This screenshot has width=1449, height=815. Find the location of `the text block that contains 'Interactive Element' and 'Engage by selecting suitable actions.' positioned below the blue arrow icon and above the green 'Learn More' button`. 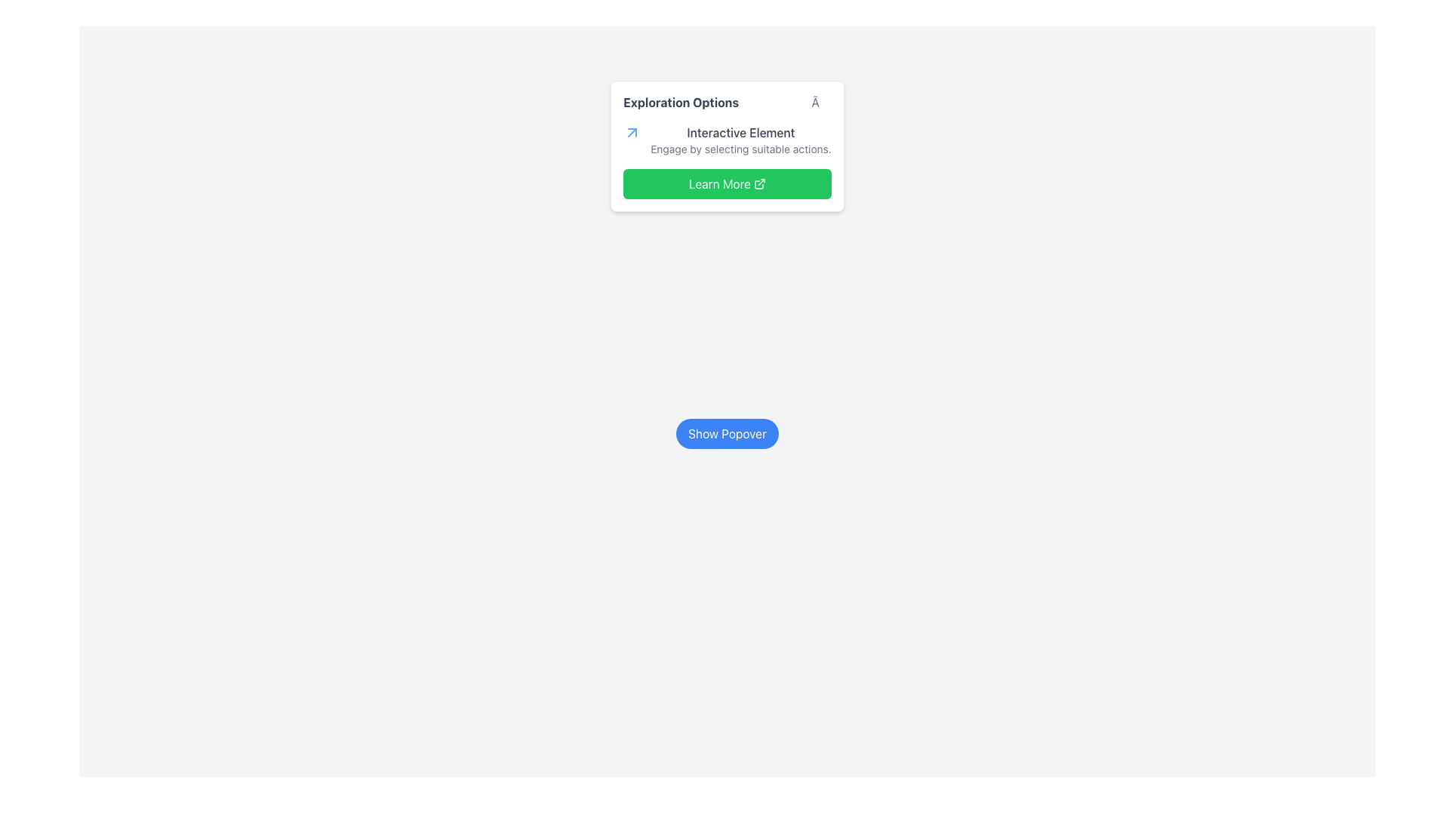

the text block that contains 'Interactive Element' and 'Engage by selecting suitable actions.' positioned below the blue arrow icon and above the green 'Learn More' button is located at coordinates (741, 140).